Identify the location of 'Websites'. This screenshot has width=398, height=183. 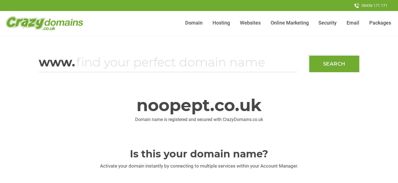
(250, 23).